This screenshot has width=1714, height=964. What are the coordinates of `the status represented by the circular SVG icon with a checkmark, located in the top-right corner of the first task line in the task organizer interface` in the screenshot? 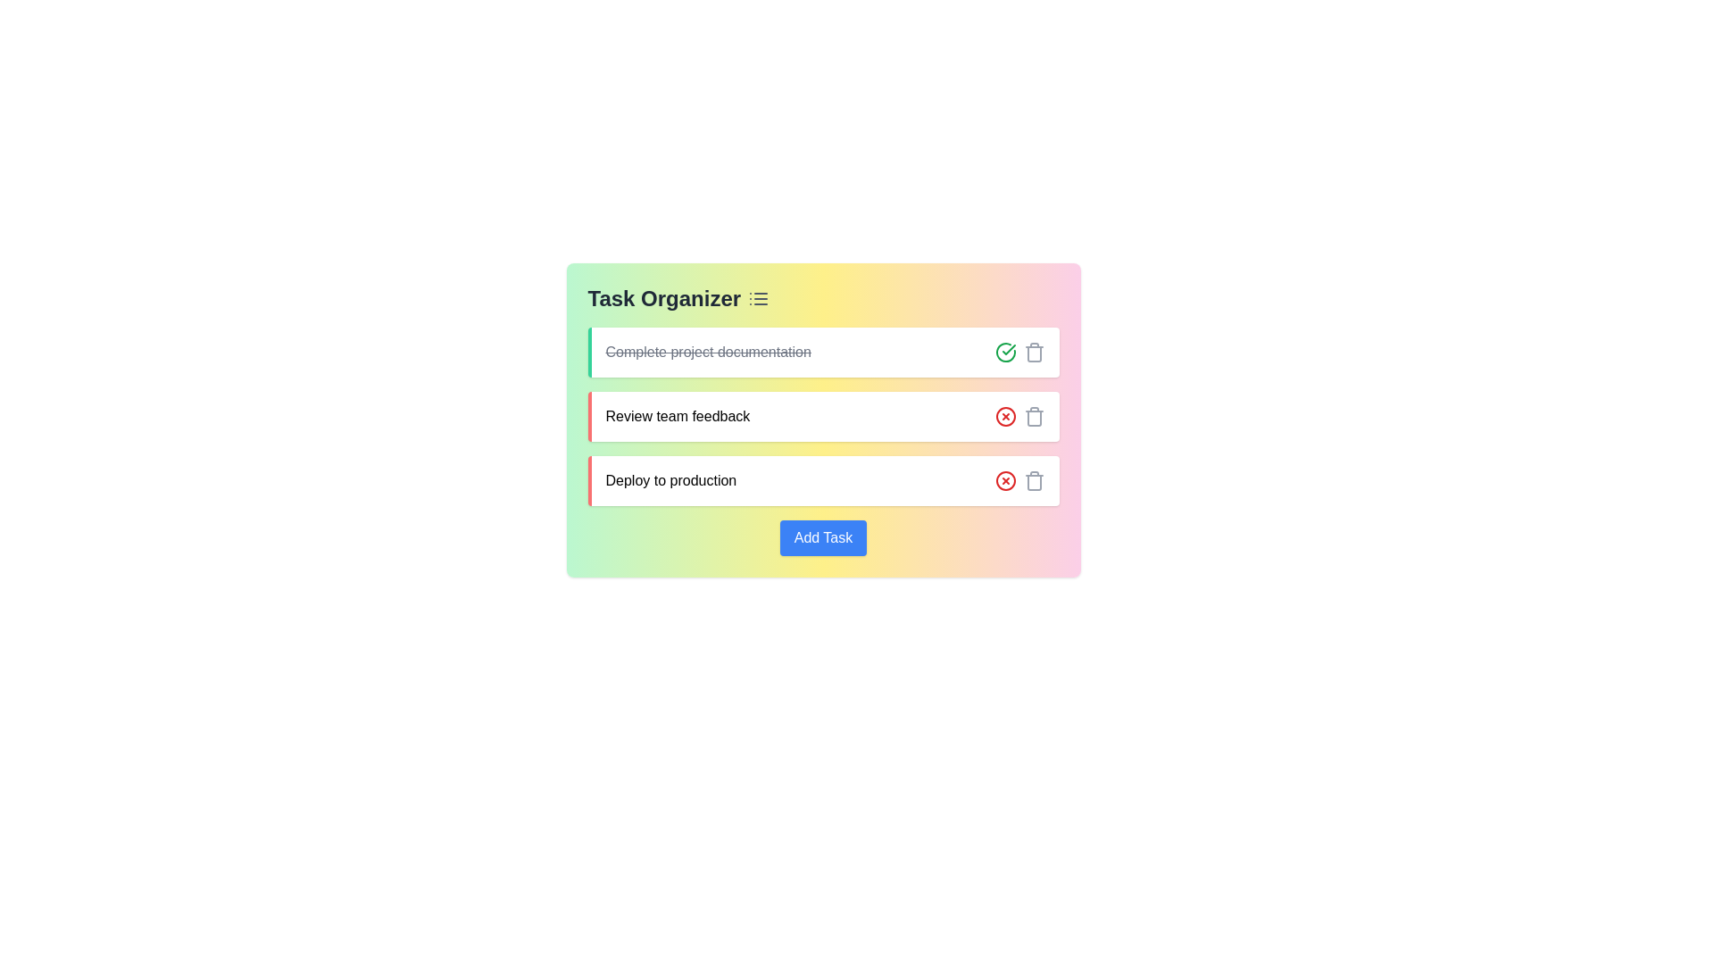 It's located at (1005, 352).